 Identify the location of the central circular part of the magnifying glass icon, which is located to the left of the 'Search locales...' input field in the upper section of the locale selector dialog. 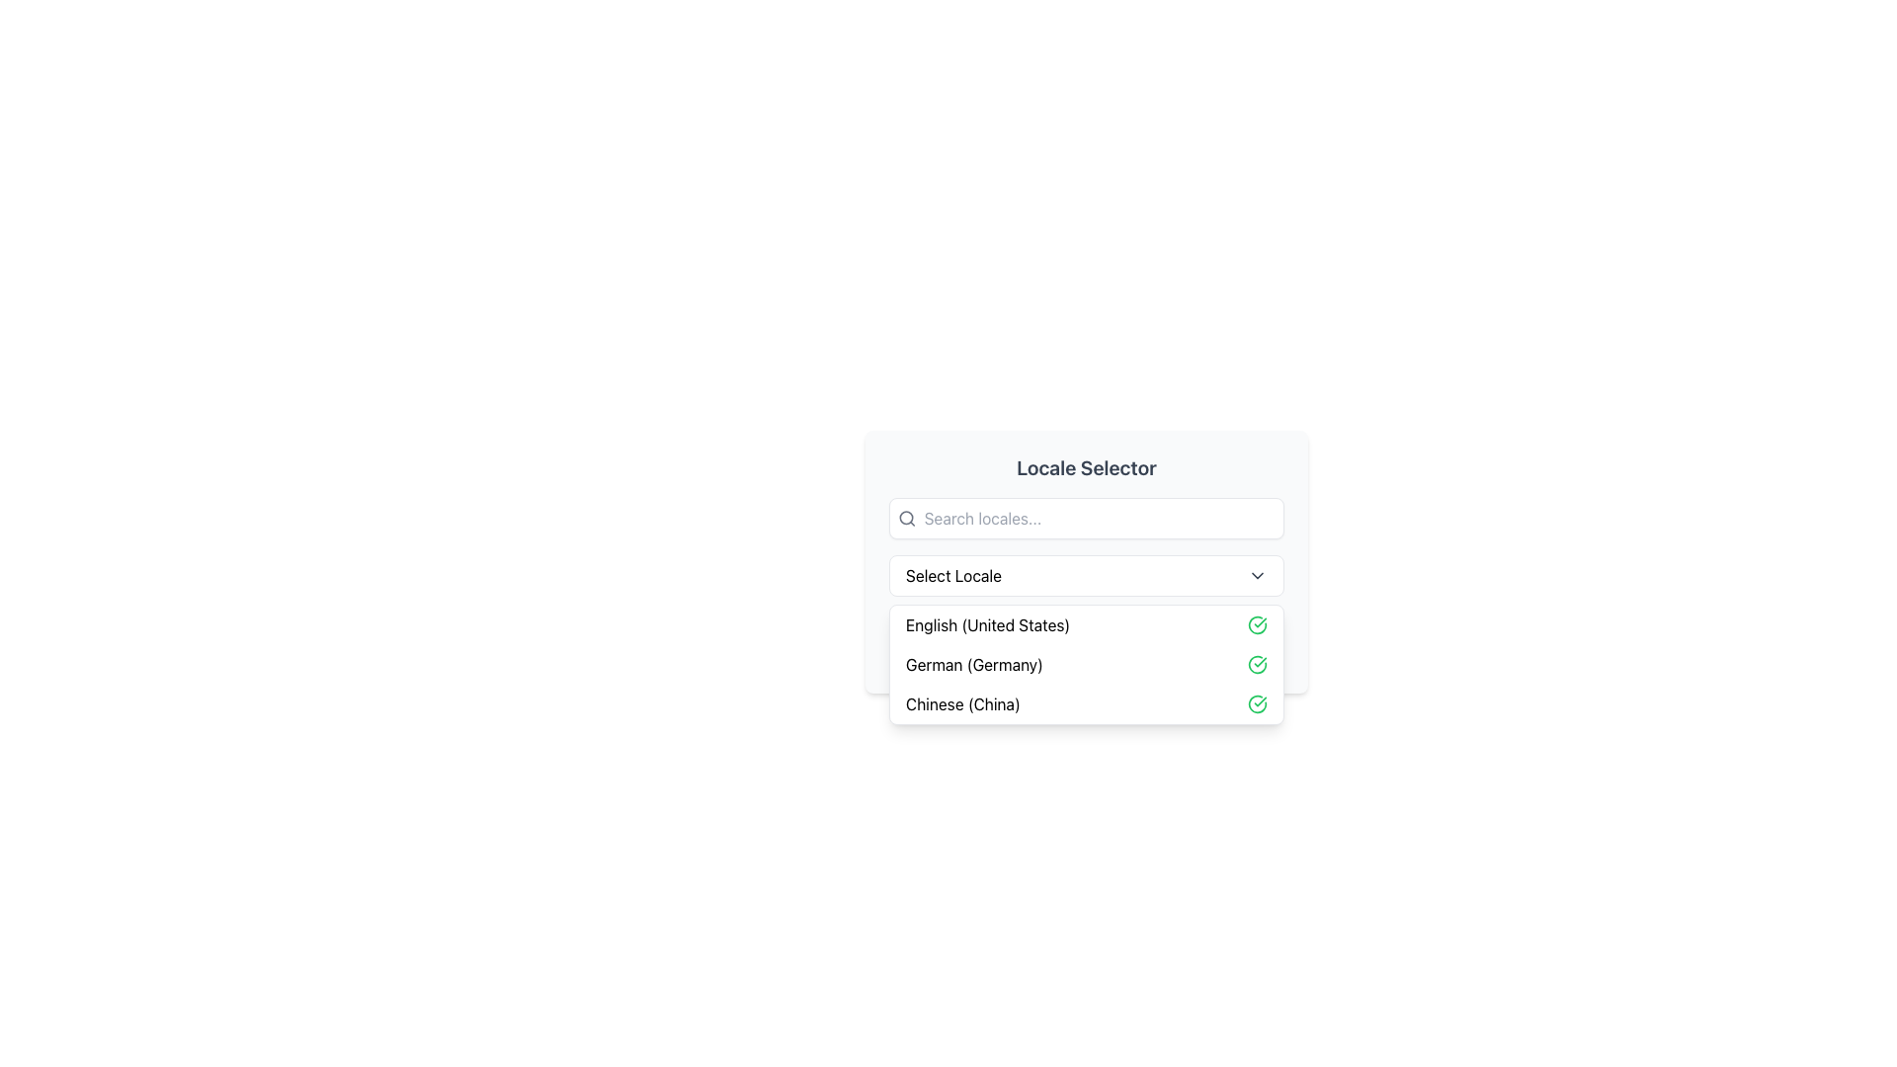
(905, 517).